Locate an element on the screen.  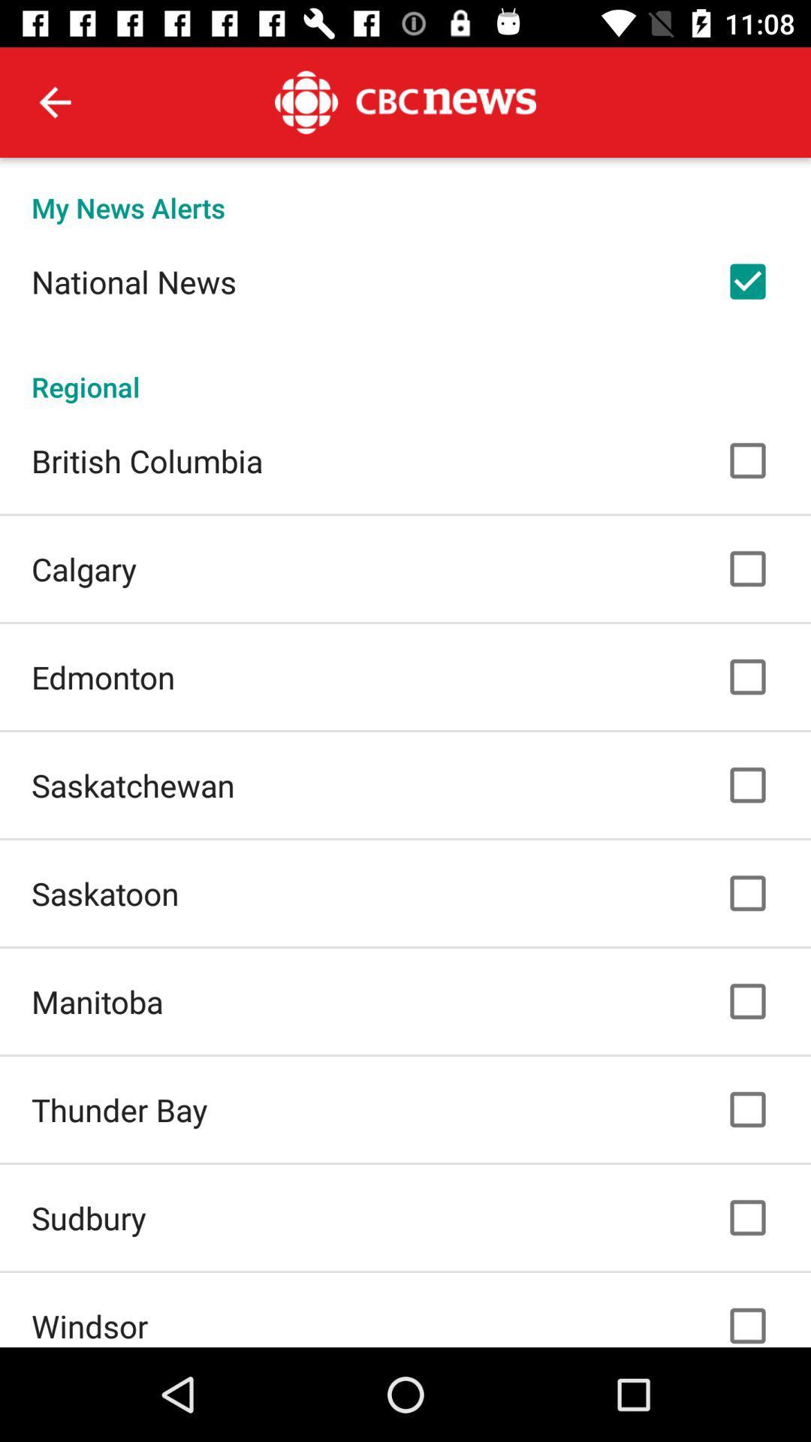
the edmonton icon is located at coordinates (102, 676).